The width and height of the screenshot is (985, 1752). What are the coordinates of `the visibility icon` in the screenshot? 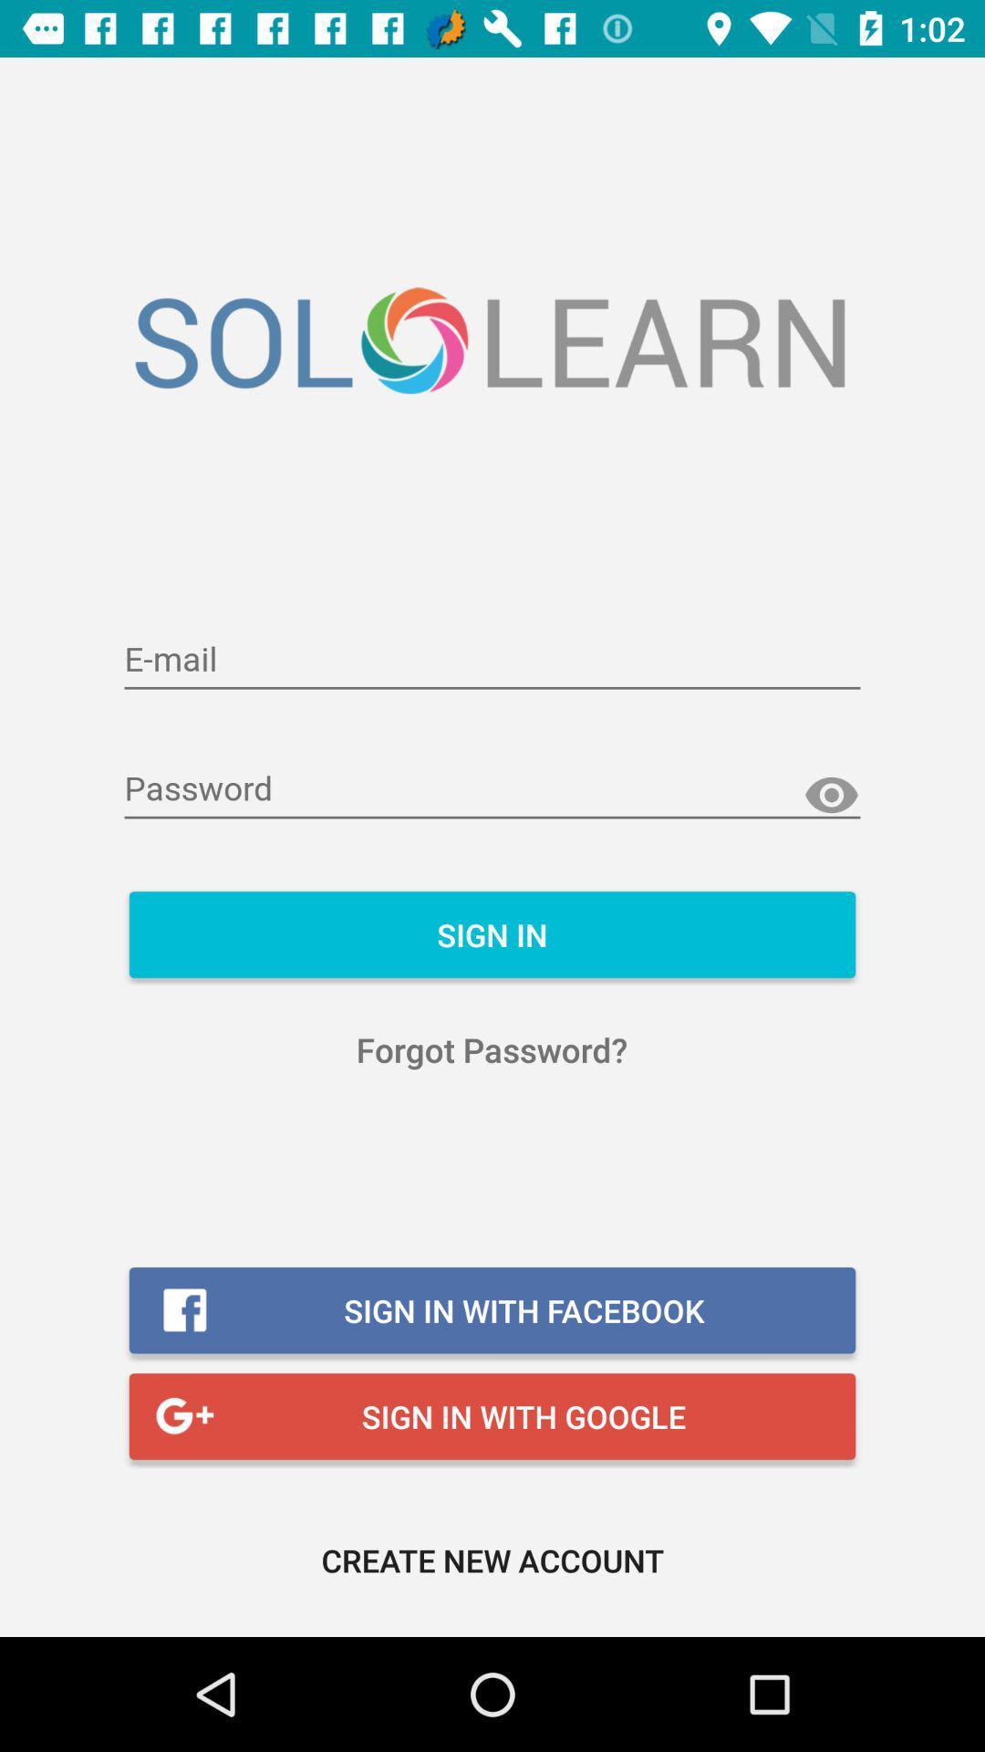 It's located at (831, 796).